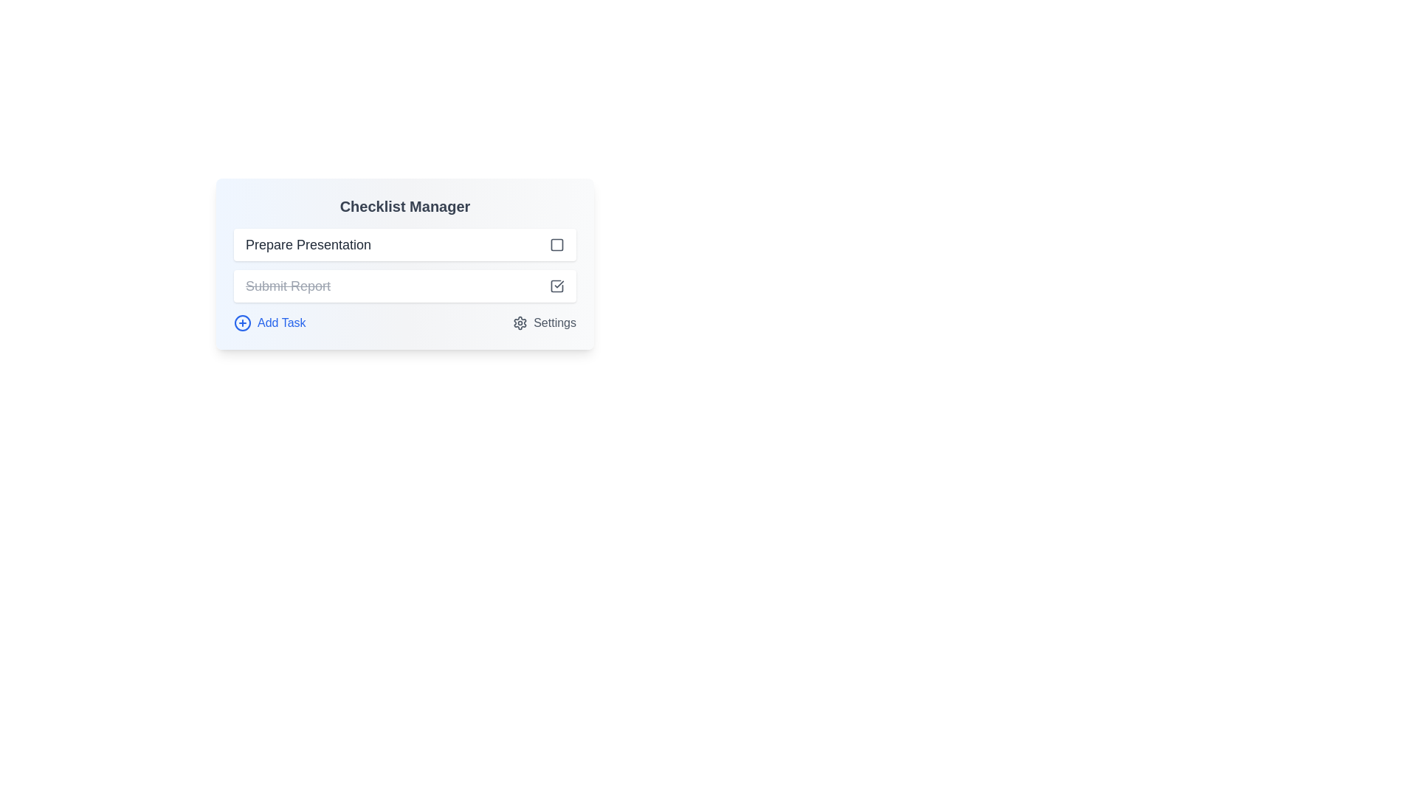  I want to click on the vector-based decorative graphic located towards the lower right of the Checklist Manager component, adjacent to the 'Submit Report' checkbox, so click(556, 286).